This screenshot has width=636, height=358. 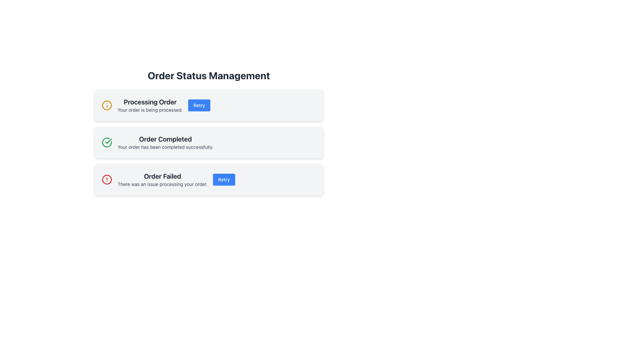 What do you see at coordinates (107, 105) in the screenshot?
I see `the circular yellow SVG icon with an 'i' symbol located at the left edge of the first section of the vertically-stacked list of cards, adjacent to the title 'Processing Order'` at bounding box center [107, 105].